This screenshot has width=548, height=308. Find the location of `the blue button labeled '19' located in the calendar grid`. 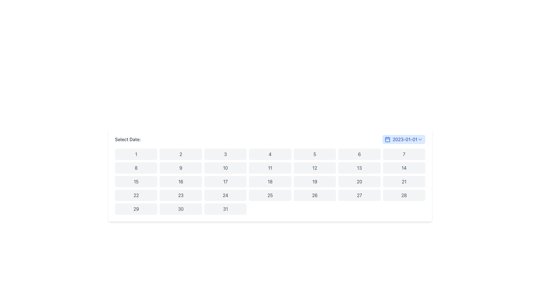

the blue button labeled '19' located in the calendar grid is located at coordinates (314, 181).